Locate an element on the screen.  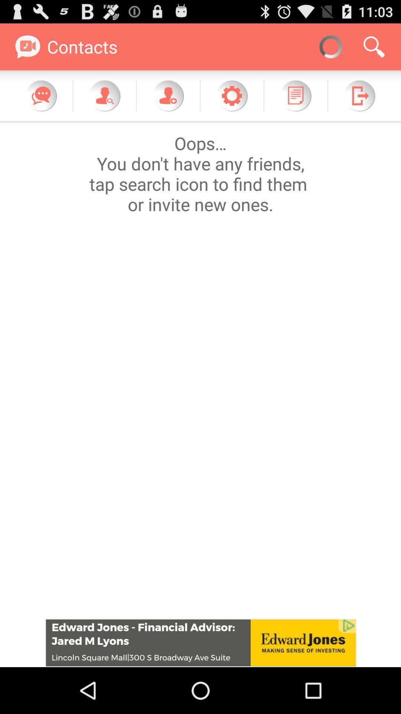
message is located at coordinates (41, 95).